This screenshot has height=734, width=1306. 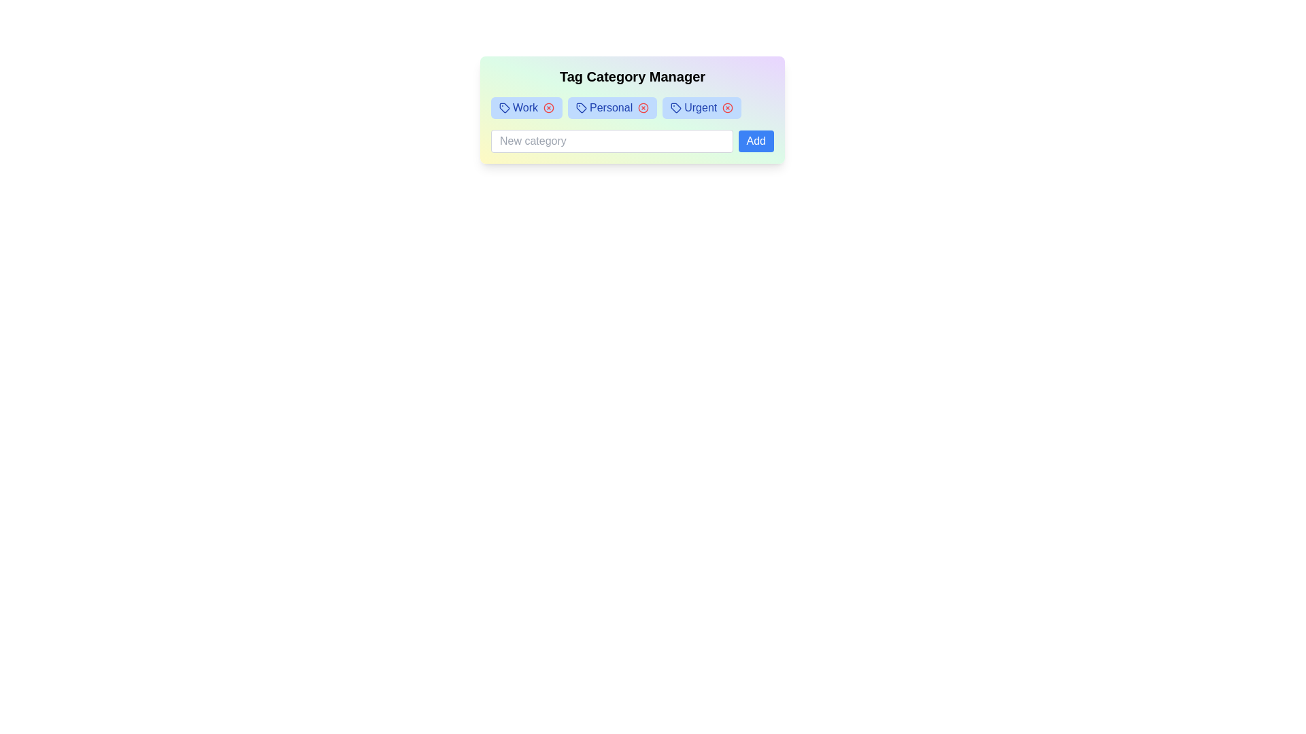 I want to click on the button labeled 'Personal', so click(x=581, y=107).